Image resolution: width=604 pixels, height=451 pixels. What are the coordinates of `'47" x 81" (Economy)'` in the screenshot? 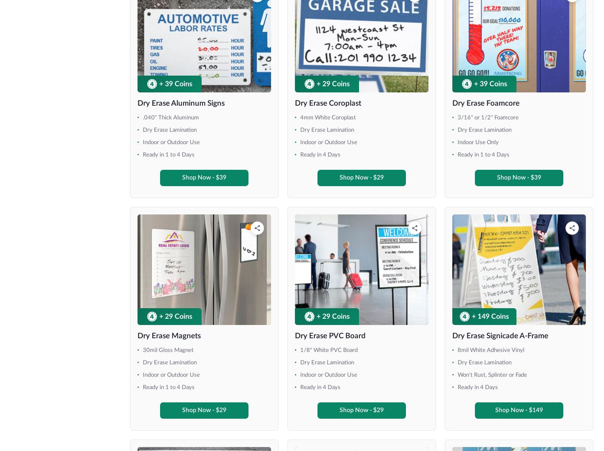 It's located at (51, 359).